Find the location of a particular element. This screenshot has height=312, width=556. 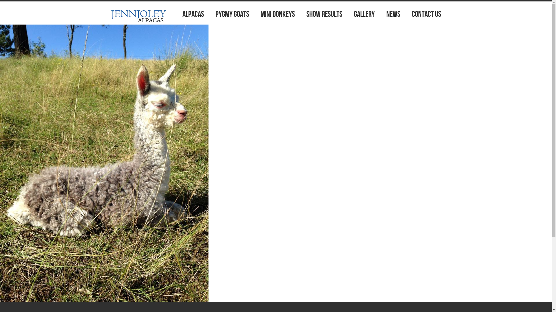

'NEWS' is located at coordinates (393, 14).